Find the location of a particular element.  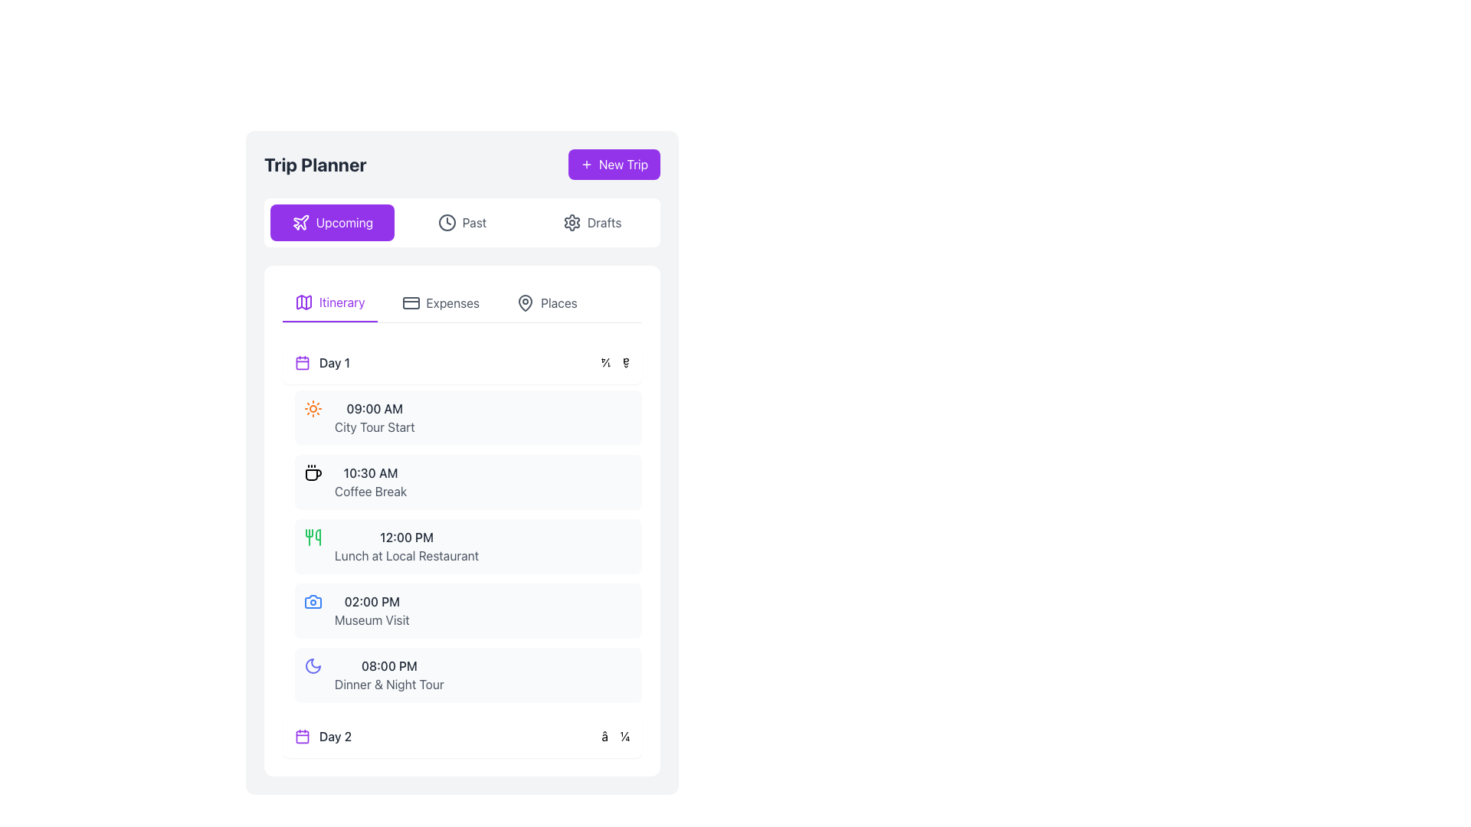

the descriptive Text label located below the time label '08:00 PM' in the itinerary list for 'Day 1' is located at coordinates (389, 684).